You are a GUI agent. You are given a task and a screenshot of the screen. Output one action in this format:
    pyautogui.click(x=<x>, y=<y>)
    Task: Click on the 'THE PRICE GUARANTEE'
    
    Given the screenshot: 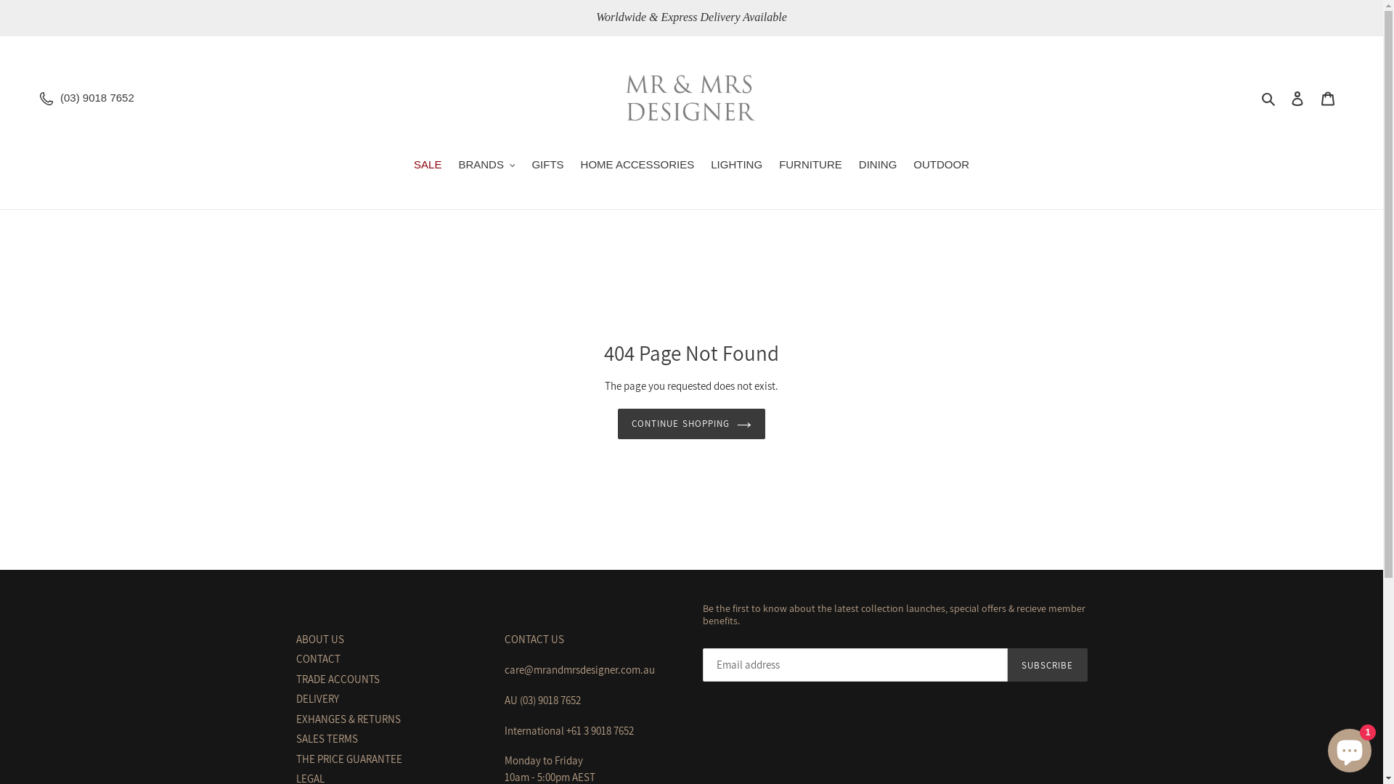 What is the action you would take?
    pyautogui.click(x=348, y=758)
    